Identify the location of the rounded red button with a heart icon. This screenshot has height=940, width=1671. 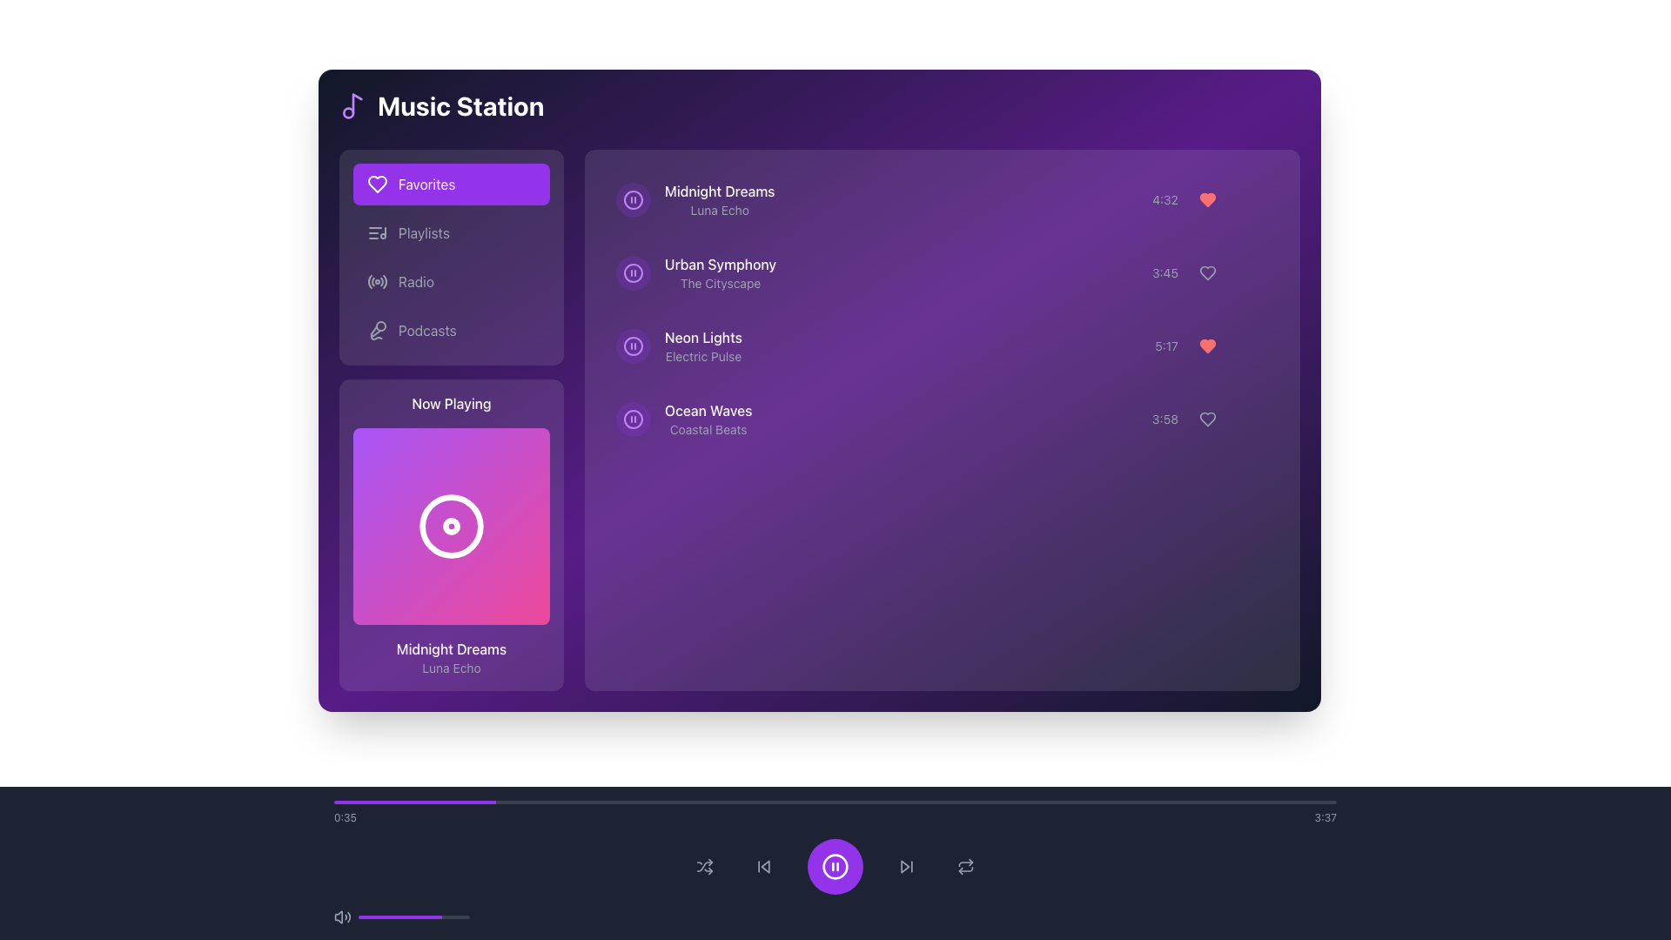
(1206, 199).